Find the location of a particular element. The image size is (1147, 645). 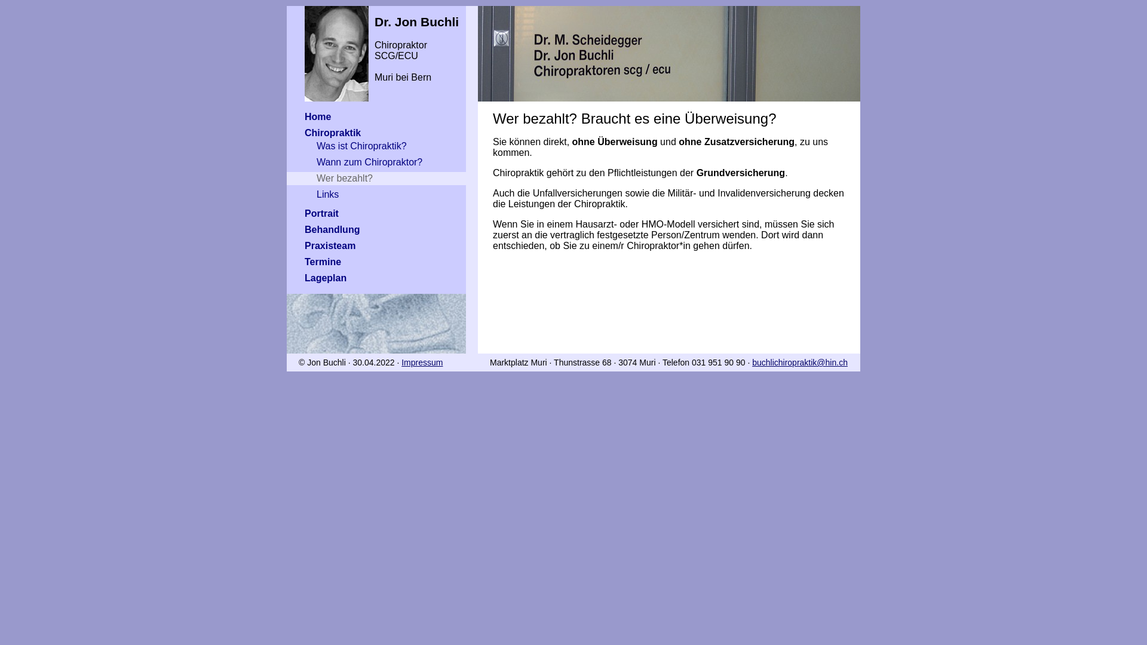

'Chiropraktik' is located at coordinates (375, 133).